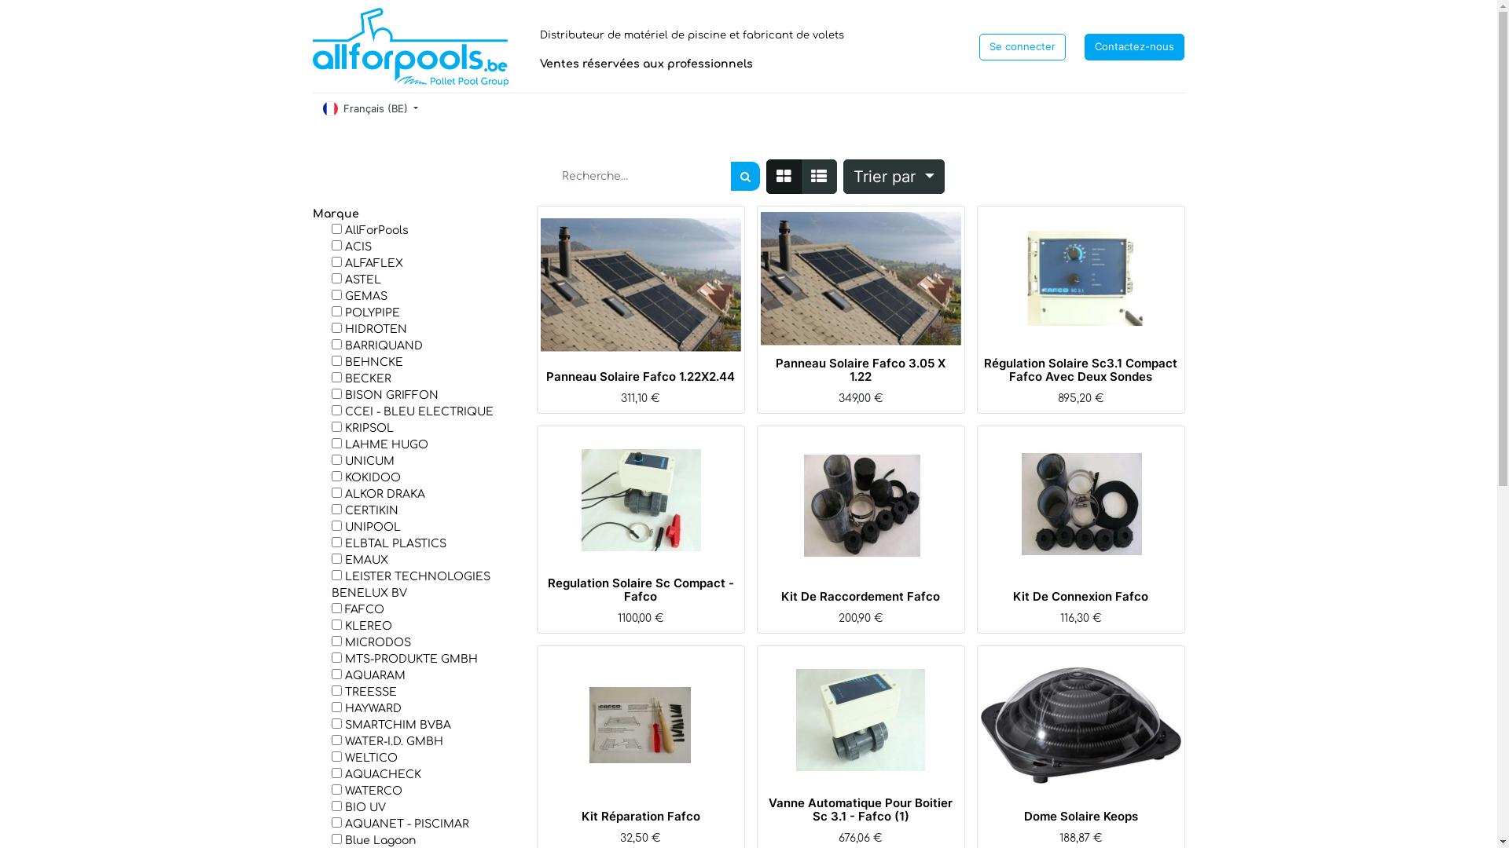  I want to click on 'Panneau Solaire Fafco 3.05 X 1.22', so click(859, 369).